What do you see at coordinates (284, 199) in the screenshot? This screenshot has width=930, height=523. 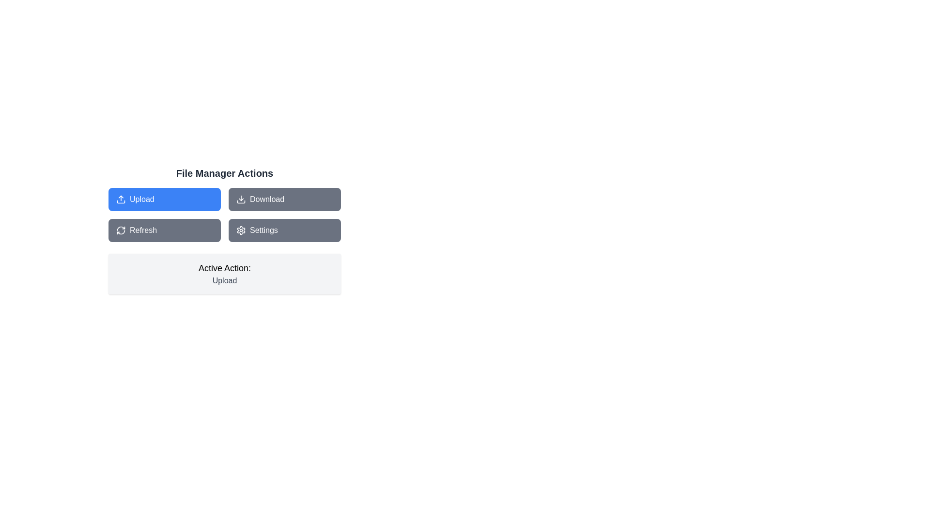 I see `the download button located in the top-right quadrant of the 'File Manager Actions' section, which initiates a download action` at bounding box center [284, 199].